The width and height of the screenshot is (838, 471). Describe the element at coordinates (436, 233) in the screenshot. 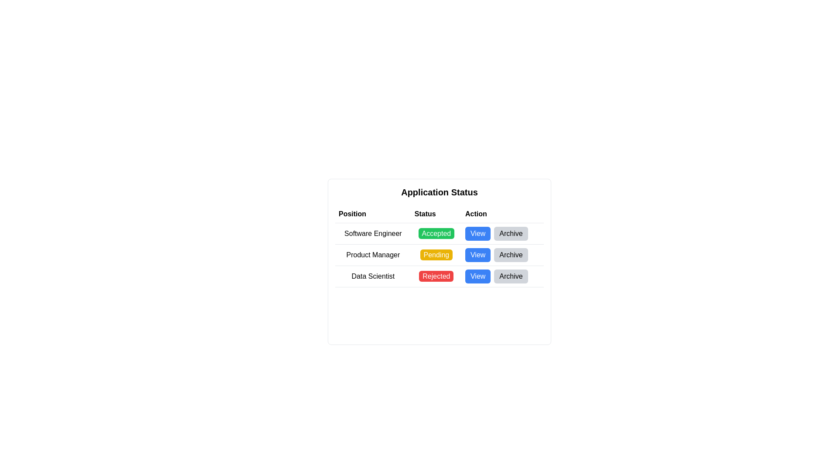

I see `the 'Accepted' badge with a green background in the 'Status' column of the 'Application Status' table for the 'Software Engineer' row` at that location.